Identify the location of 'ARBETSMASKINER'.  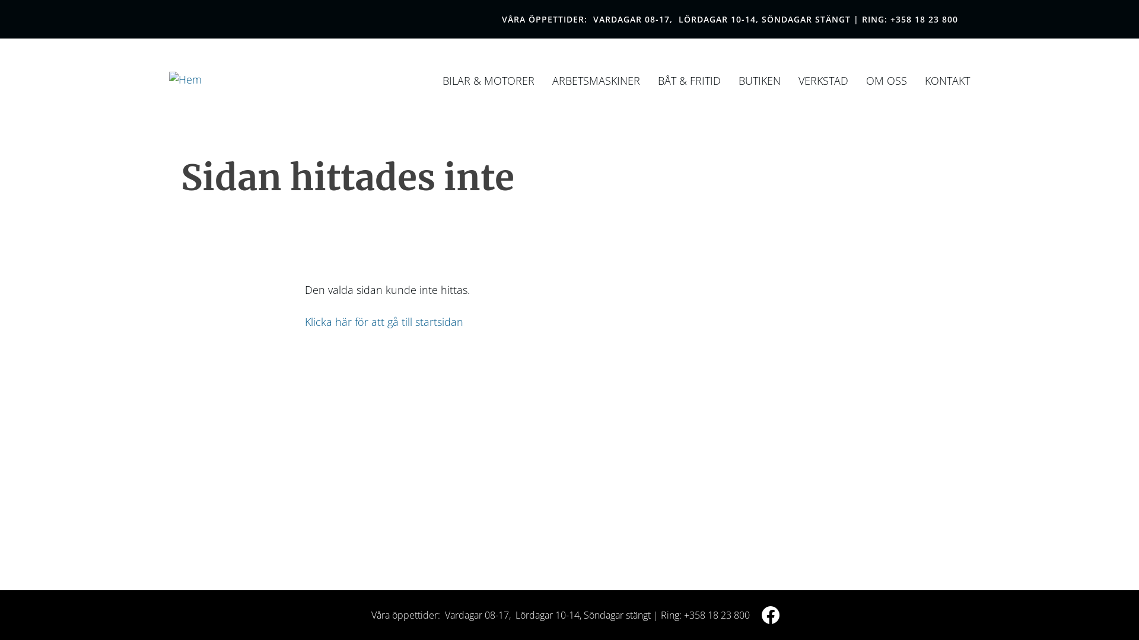
(596, 80).